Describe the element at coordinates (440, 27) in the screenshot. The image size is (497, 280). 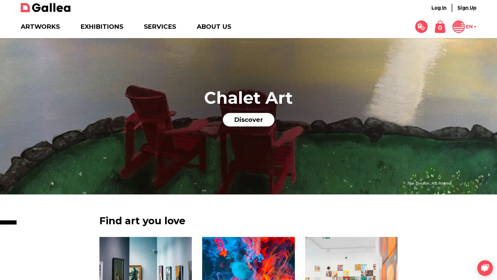
I see `0` at that location.